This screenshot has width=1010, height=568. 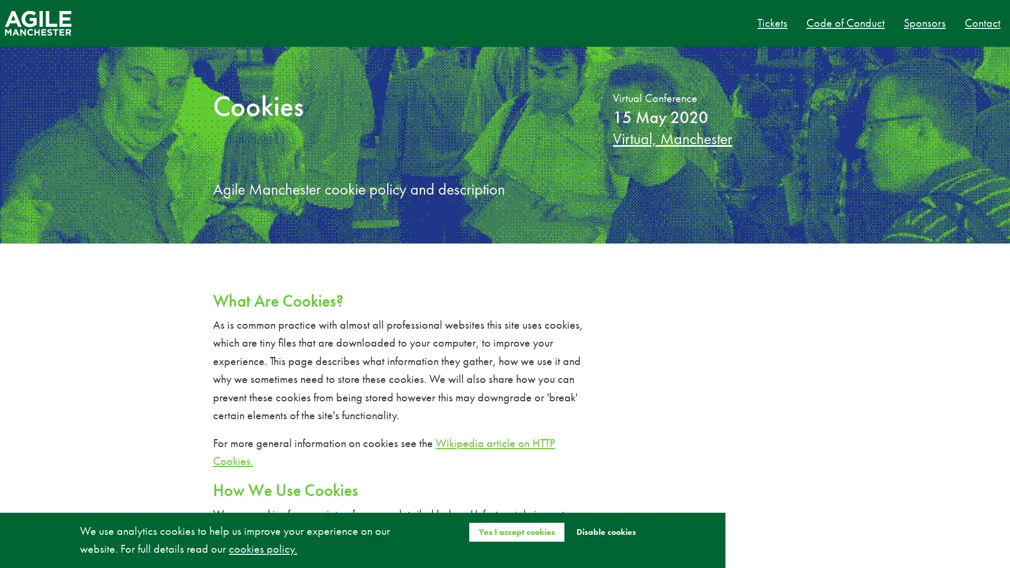 I want to click on Yes I accept cookies, so click(x=516, y=531).